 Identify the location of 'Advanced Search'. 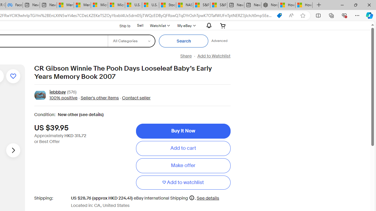
(219, 41).